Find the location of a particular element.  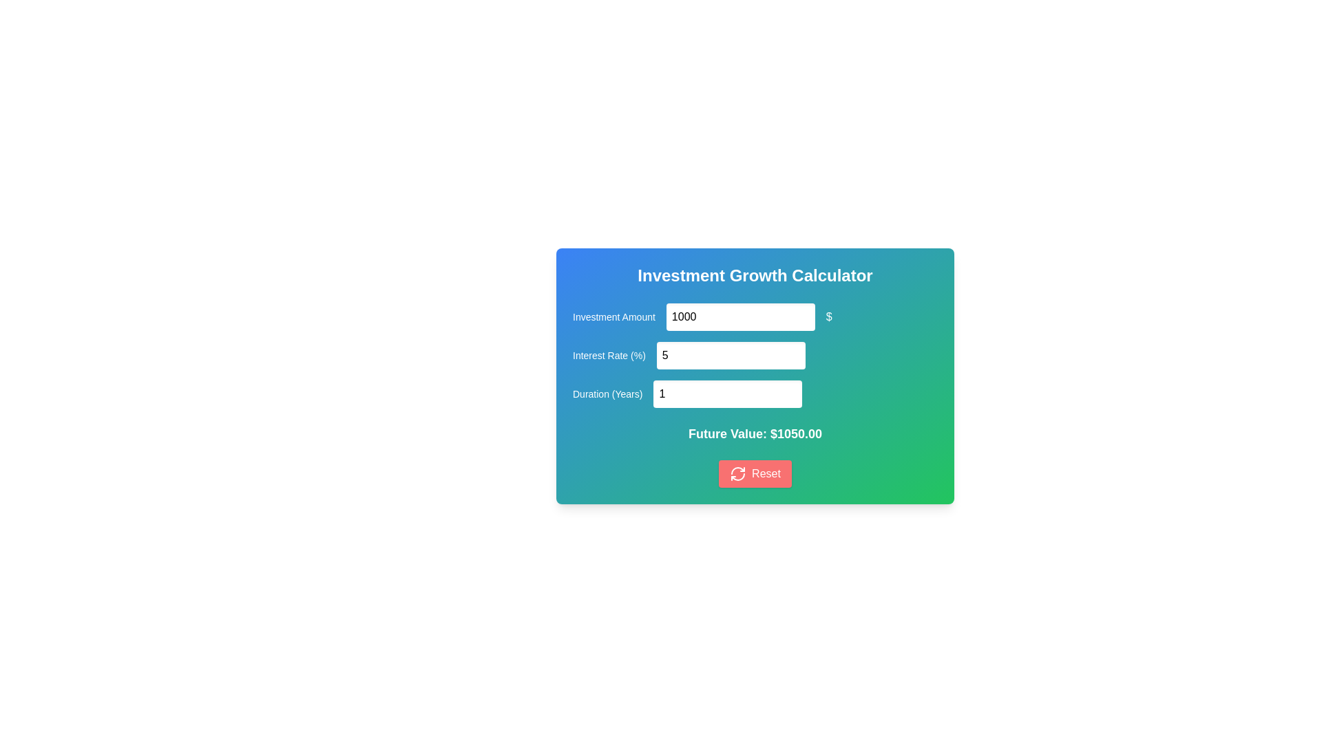

the reset icon located inside the Reset button at the bottom of the calculator card, which visually represents the reset action is located at coordinates (737, 473).